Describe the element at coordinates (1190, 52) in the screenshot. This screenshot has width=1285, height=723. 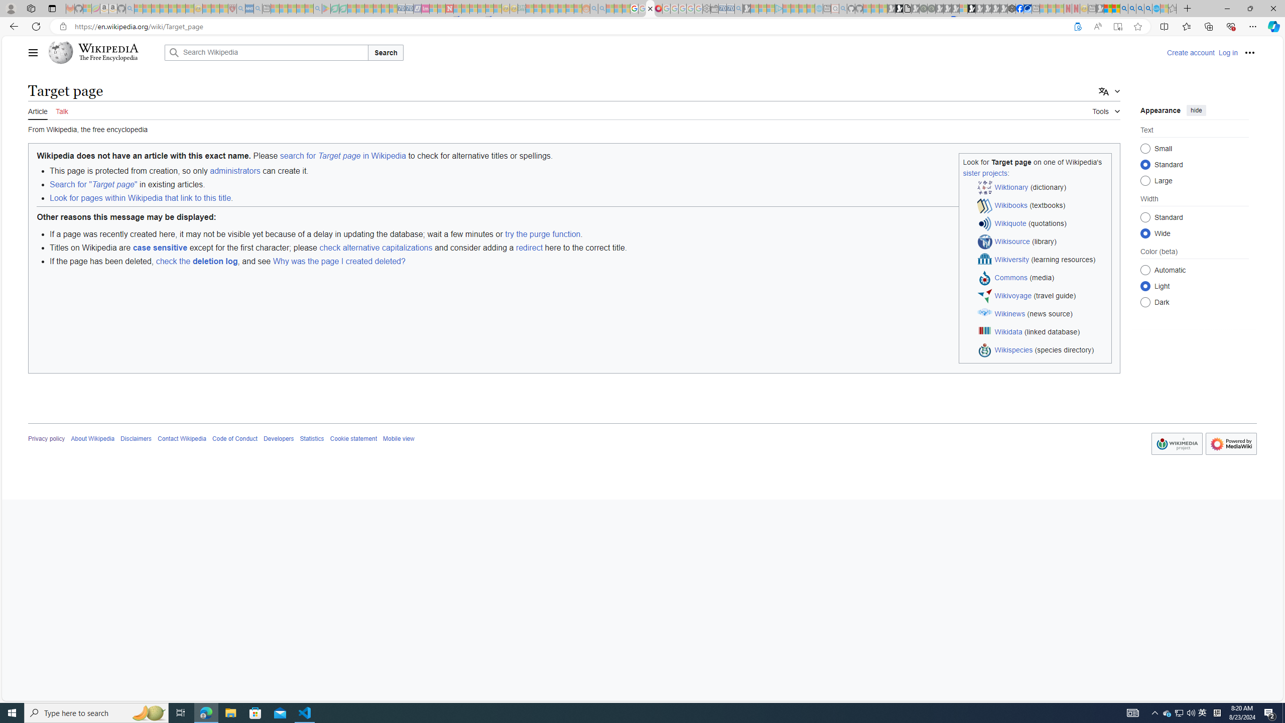
I see `'Create account'` at that location.